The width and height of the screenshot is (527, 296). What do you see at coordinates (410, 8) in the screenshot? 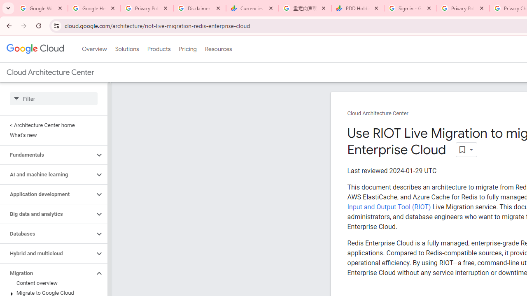
I see `'Sign in - Google Accounts'` at bounding box center [410, 8].